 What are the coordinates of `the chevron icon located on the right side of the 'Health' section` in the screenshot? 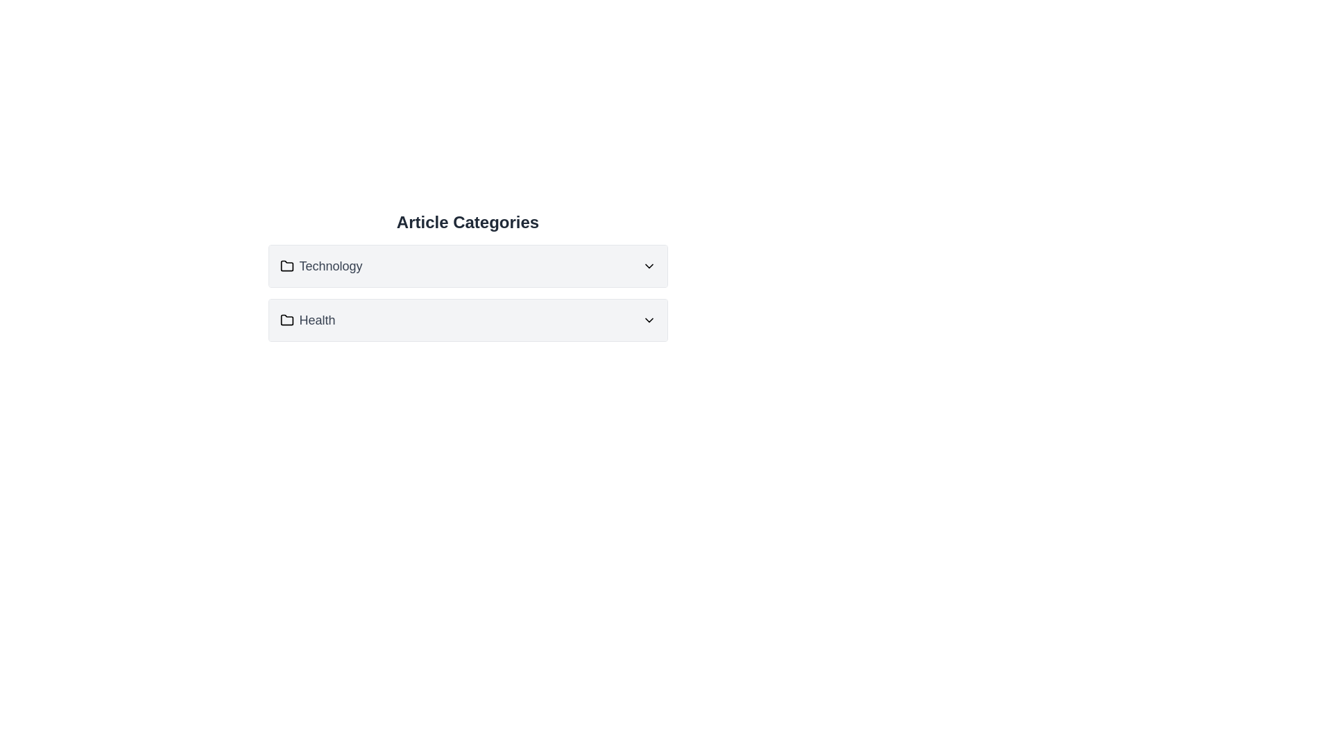 It's located at (648, 320).